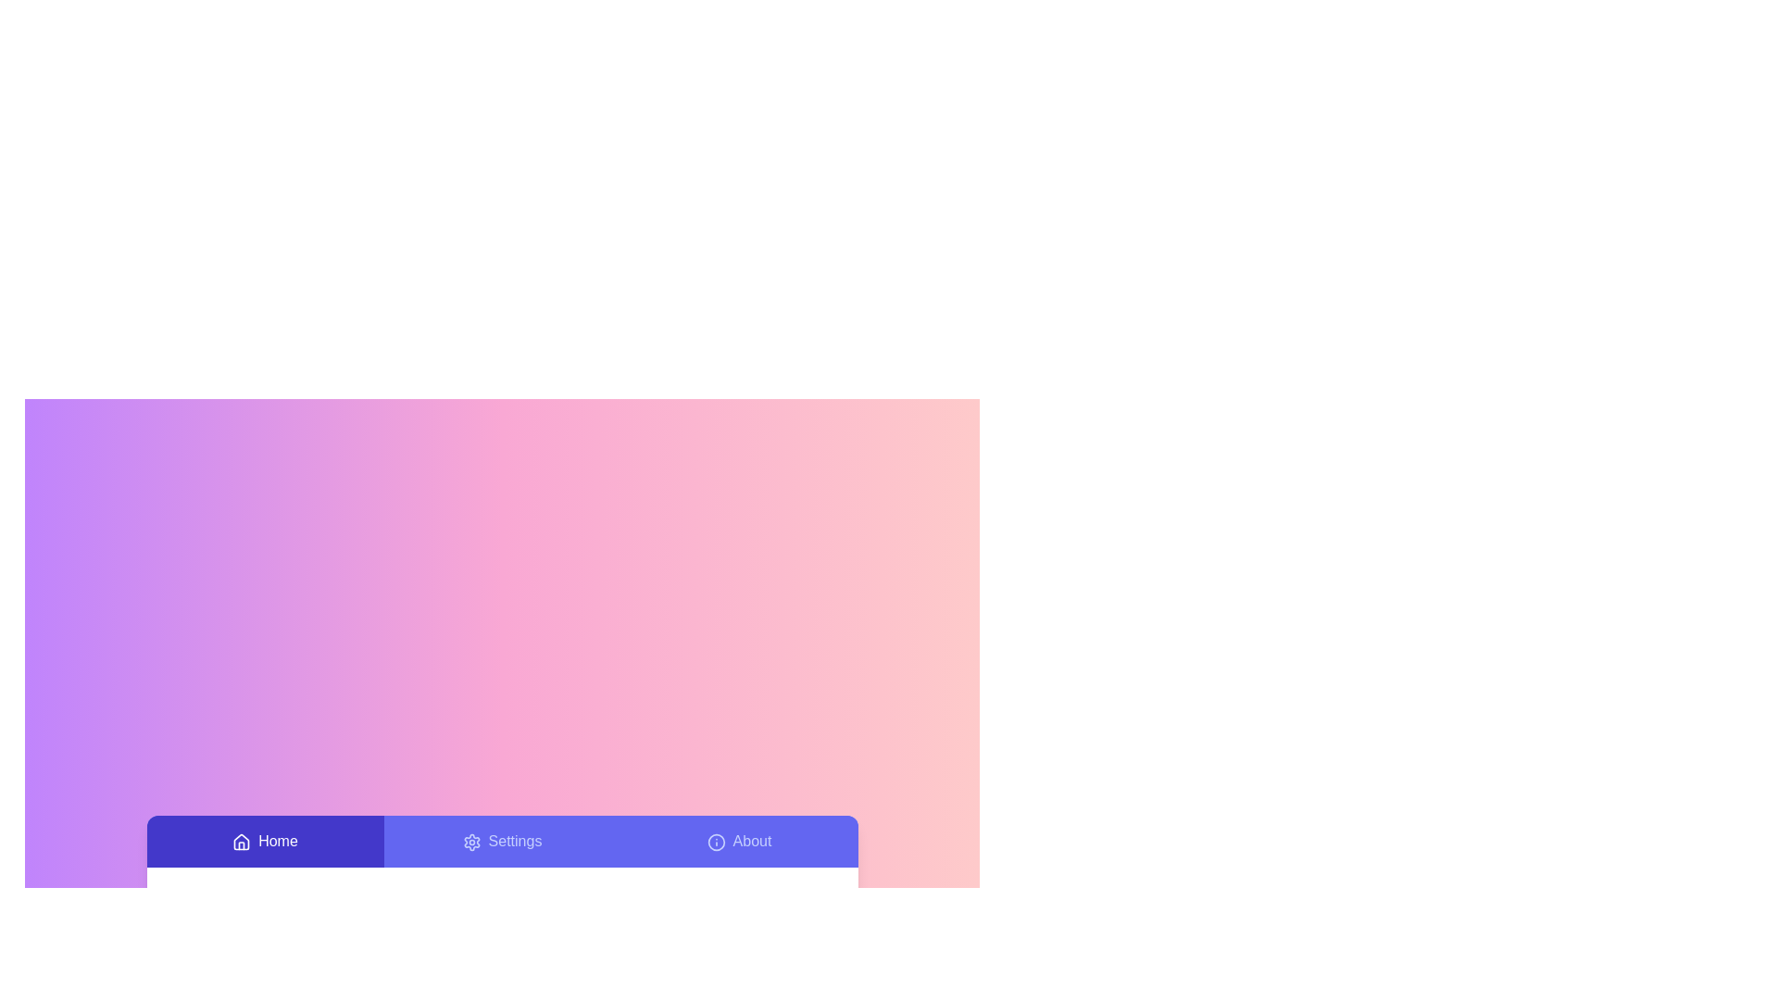 Image resolution: width=1778 pixels, height=1000 pixels. What do you see at coordinates (264, 842) in the screenshot?
I see `the Home tab to activate it` at bounding box center [264, 842].